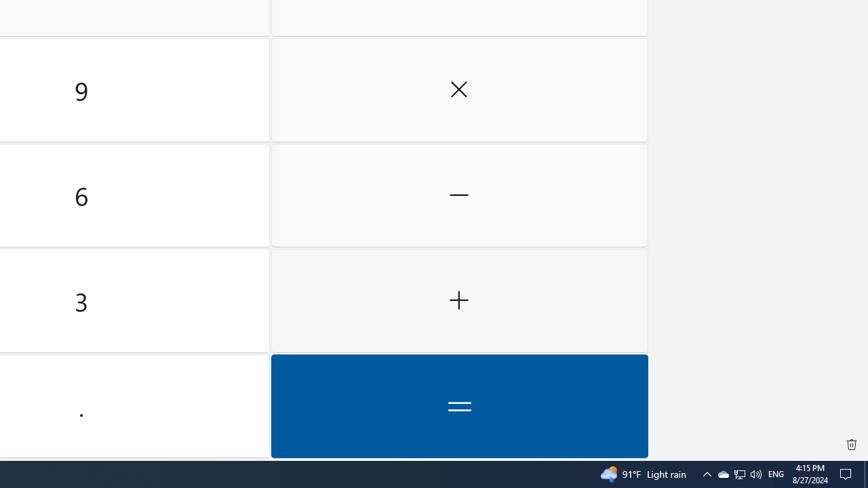 The width and height of the screenshot is (868, 488). What do you see at coordinates (738, 473) in the screenshot?
I see `'User Promoted Notification Area'` at bounding box center [738, 473].